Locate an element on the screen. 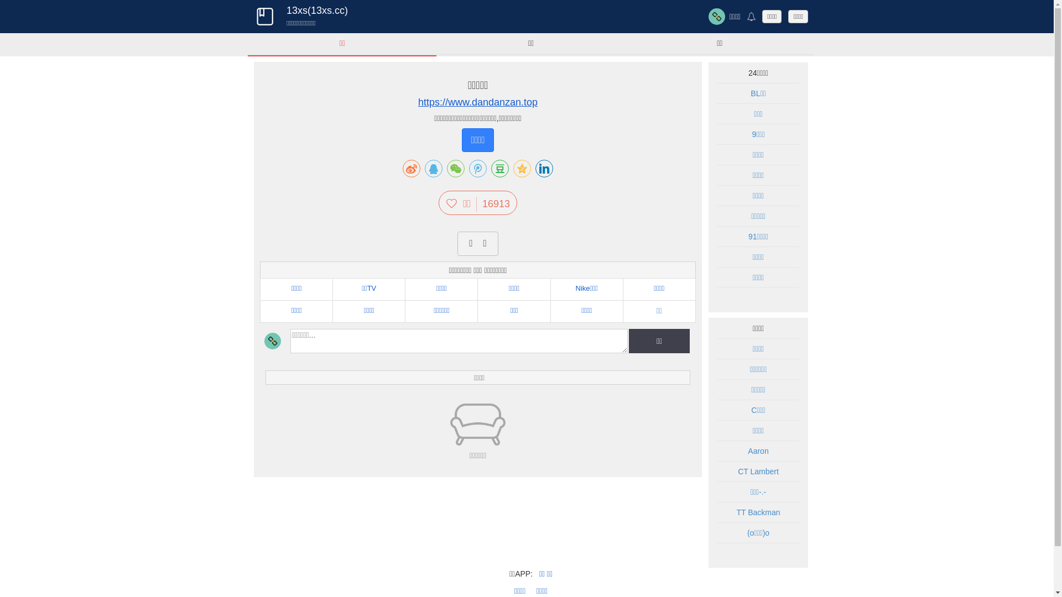 The height and width of the screenshot is (597, 1062). 'https://www.dandanzan.top' is located at coordinates (478, 102).